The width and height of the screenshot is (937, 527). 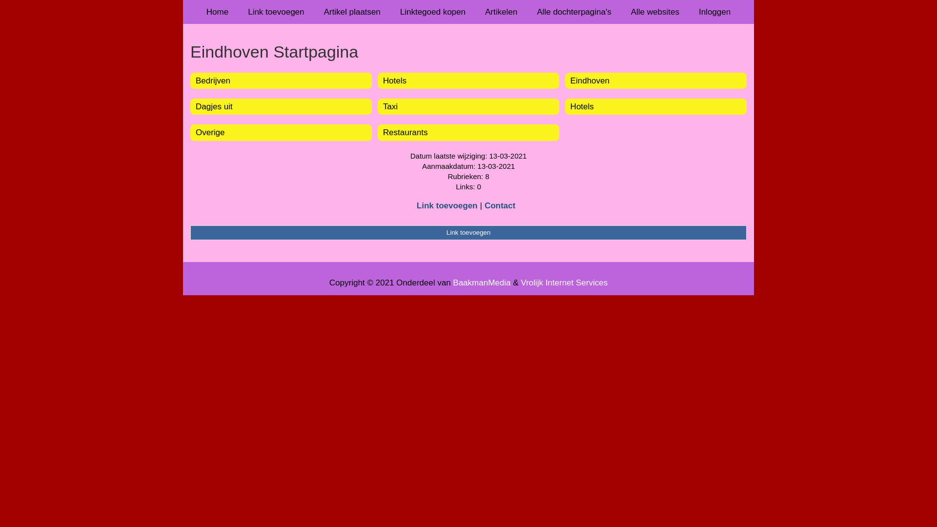 I want to click on 'Taxi', so click(x=383, y=106).